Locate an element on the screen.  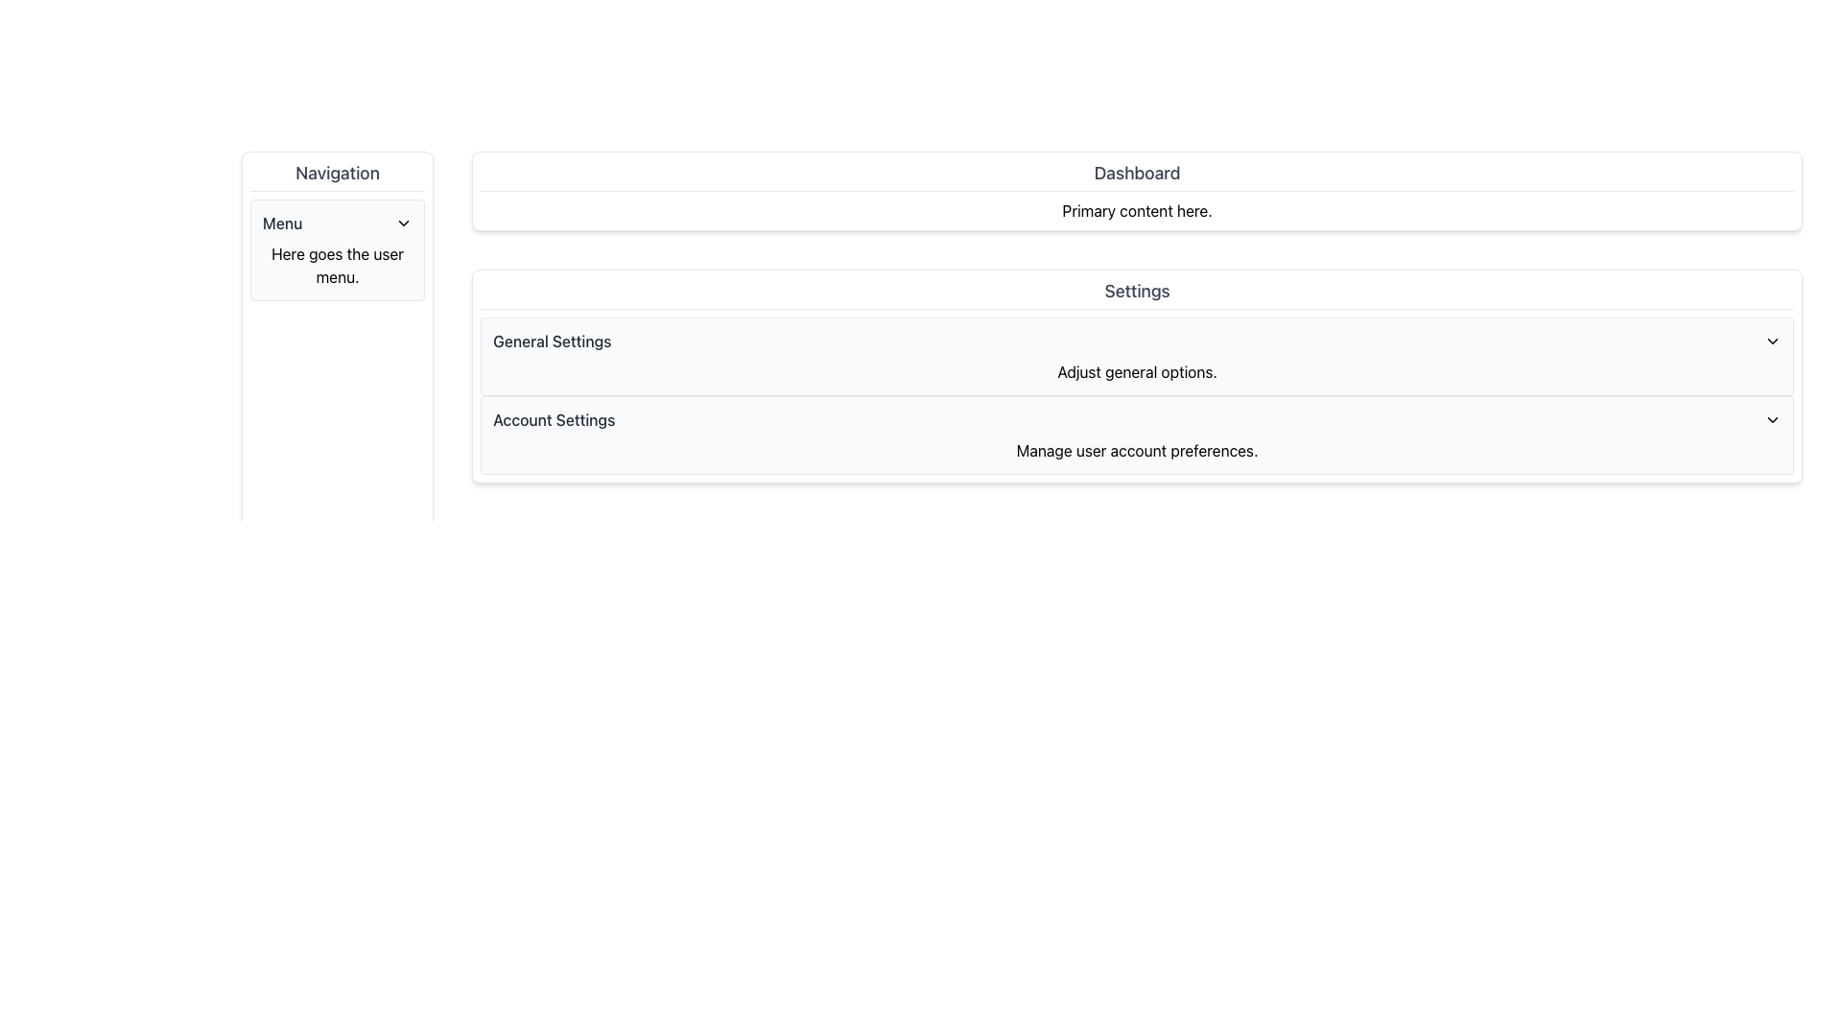
the text label displaying 'Adjust general options.' located beneath the 'General Settings' title in the center area of the layout is located at coordinates (1137, 372).